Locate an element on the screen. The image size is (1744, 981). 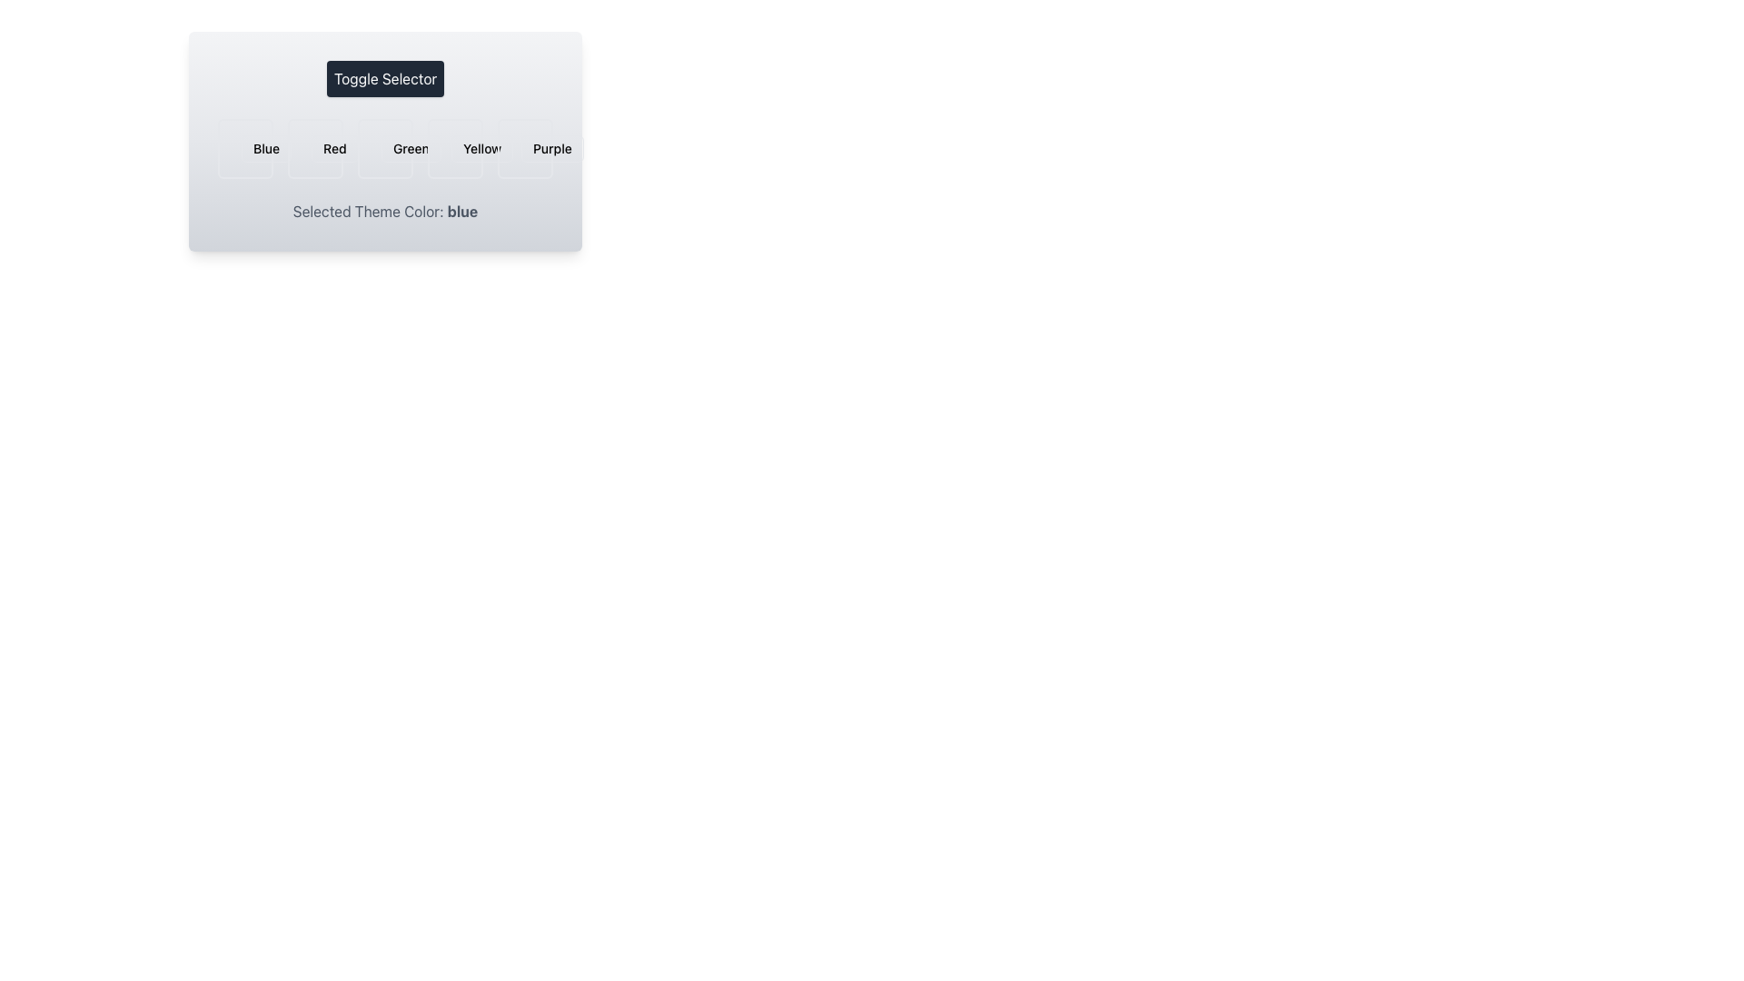
the Informative Label that displays the currently selected theme color, positioned below the interactive color toggles and centered horizontally is located at coordinates (384, 210).